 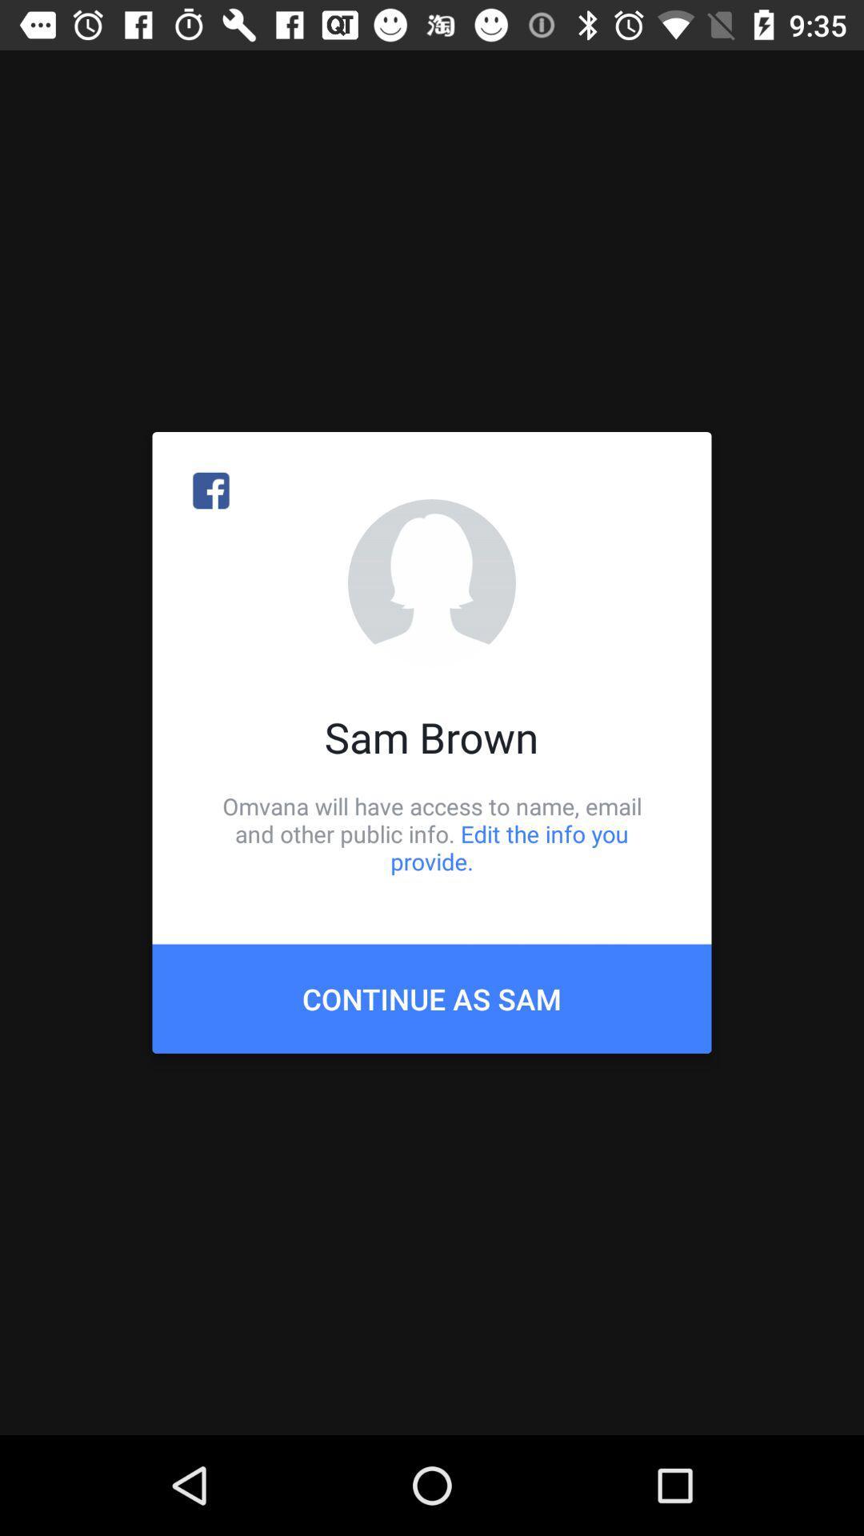 What do you see at coordinates (432, 833) in the screenshot?
I see `item below sam brown` at bounding box center [432, 833].